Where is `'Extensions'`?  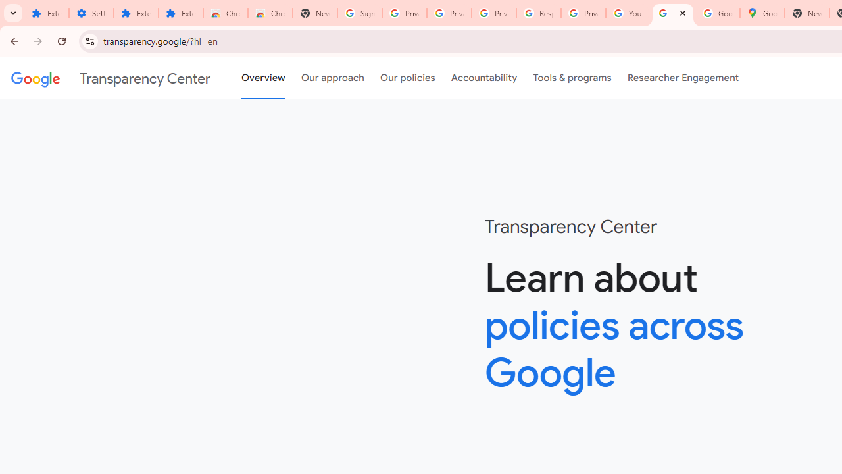
'Extensions' is located at coordinates (180, 13).